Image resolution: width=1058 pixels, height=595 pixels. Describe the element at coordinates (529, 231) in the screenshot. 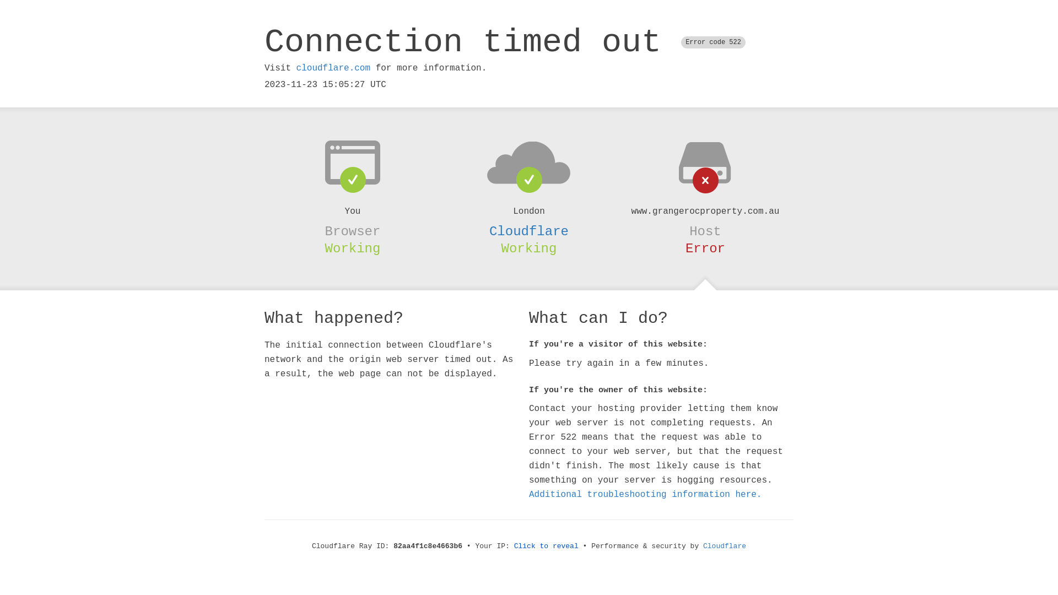

I see `'Cloudflare'` at that location.